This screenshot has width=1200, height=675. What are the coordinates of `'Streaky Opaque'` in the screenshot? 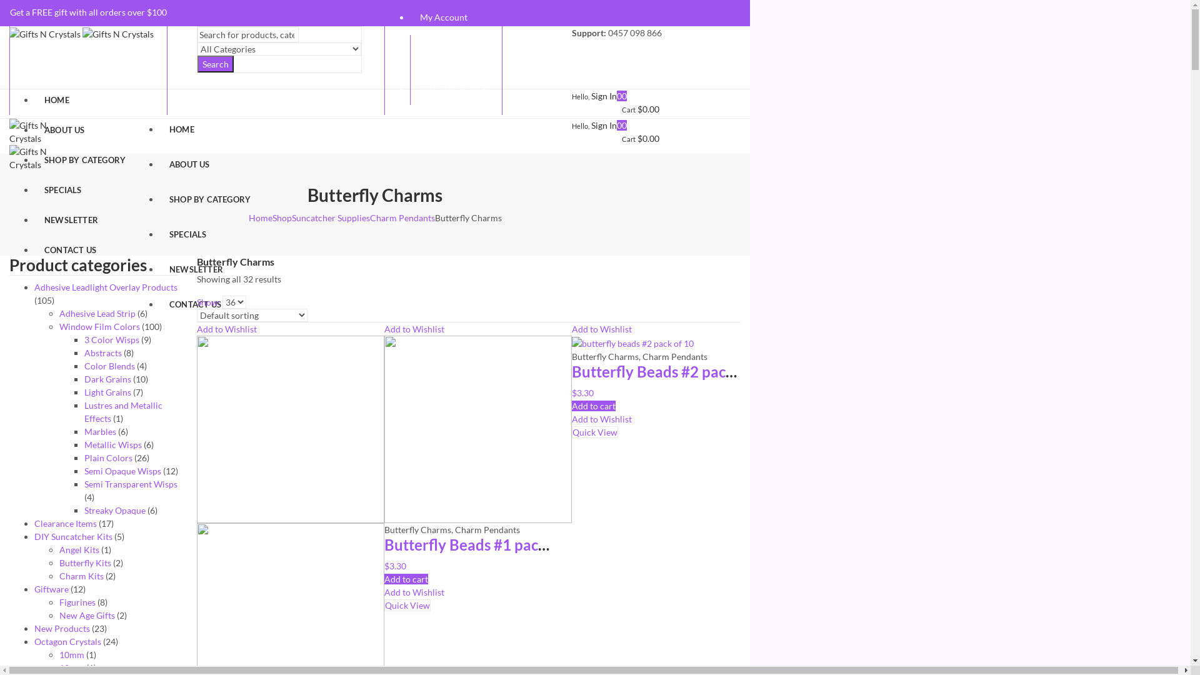 It's located at (114, 510).